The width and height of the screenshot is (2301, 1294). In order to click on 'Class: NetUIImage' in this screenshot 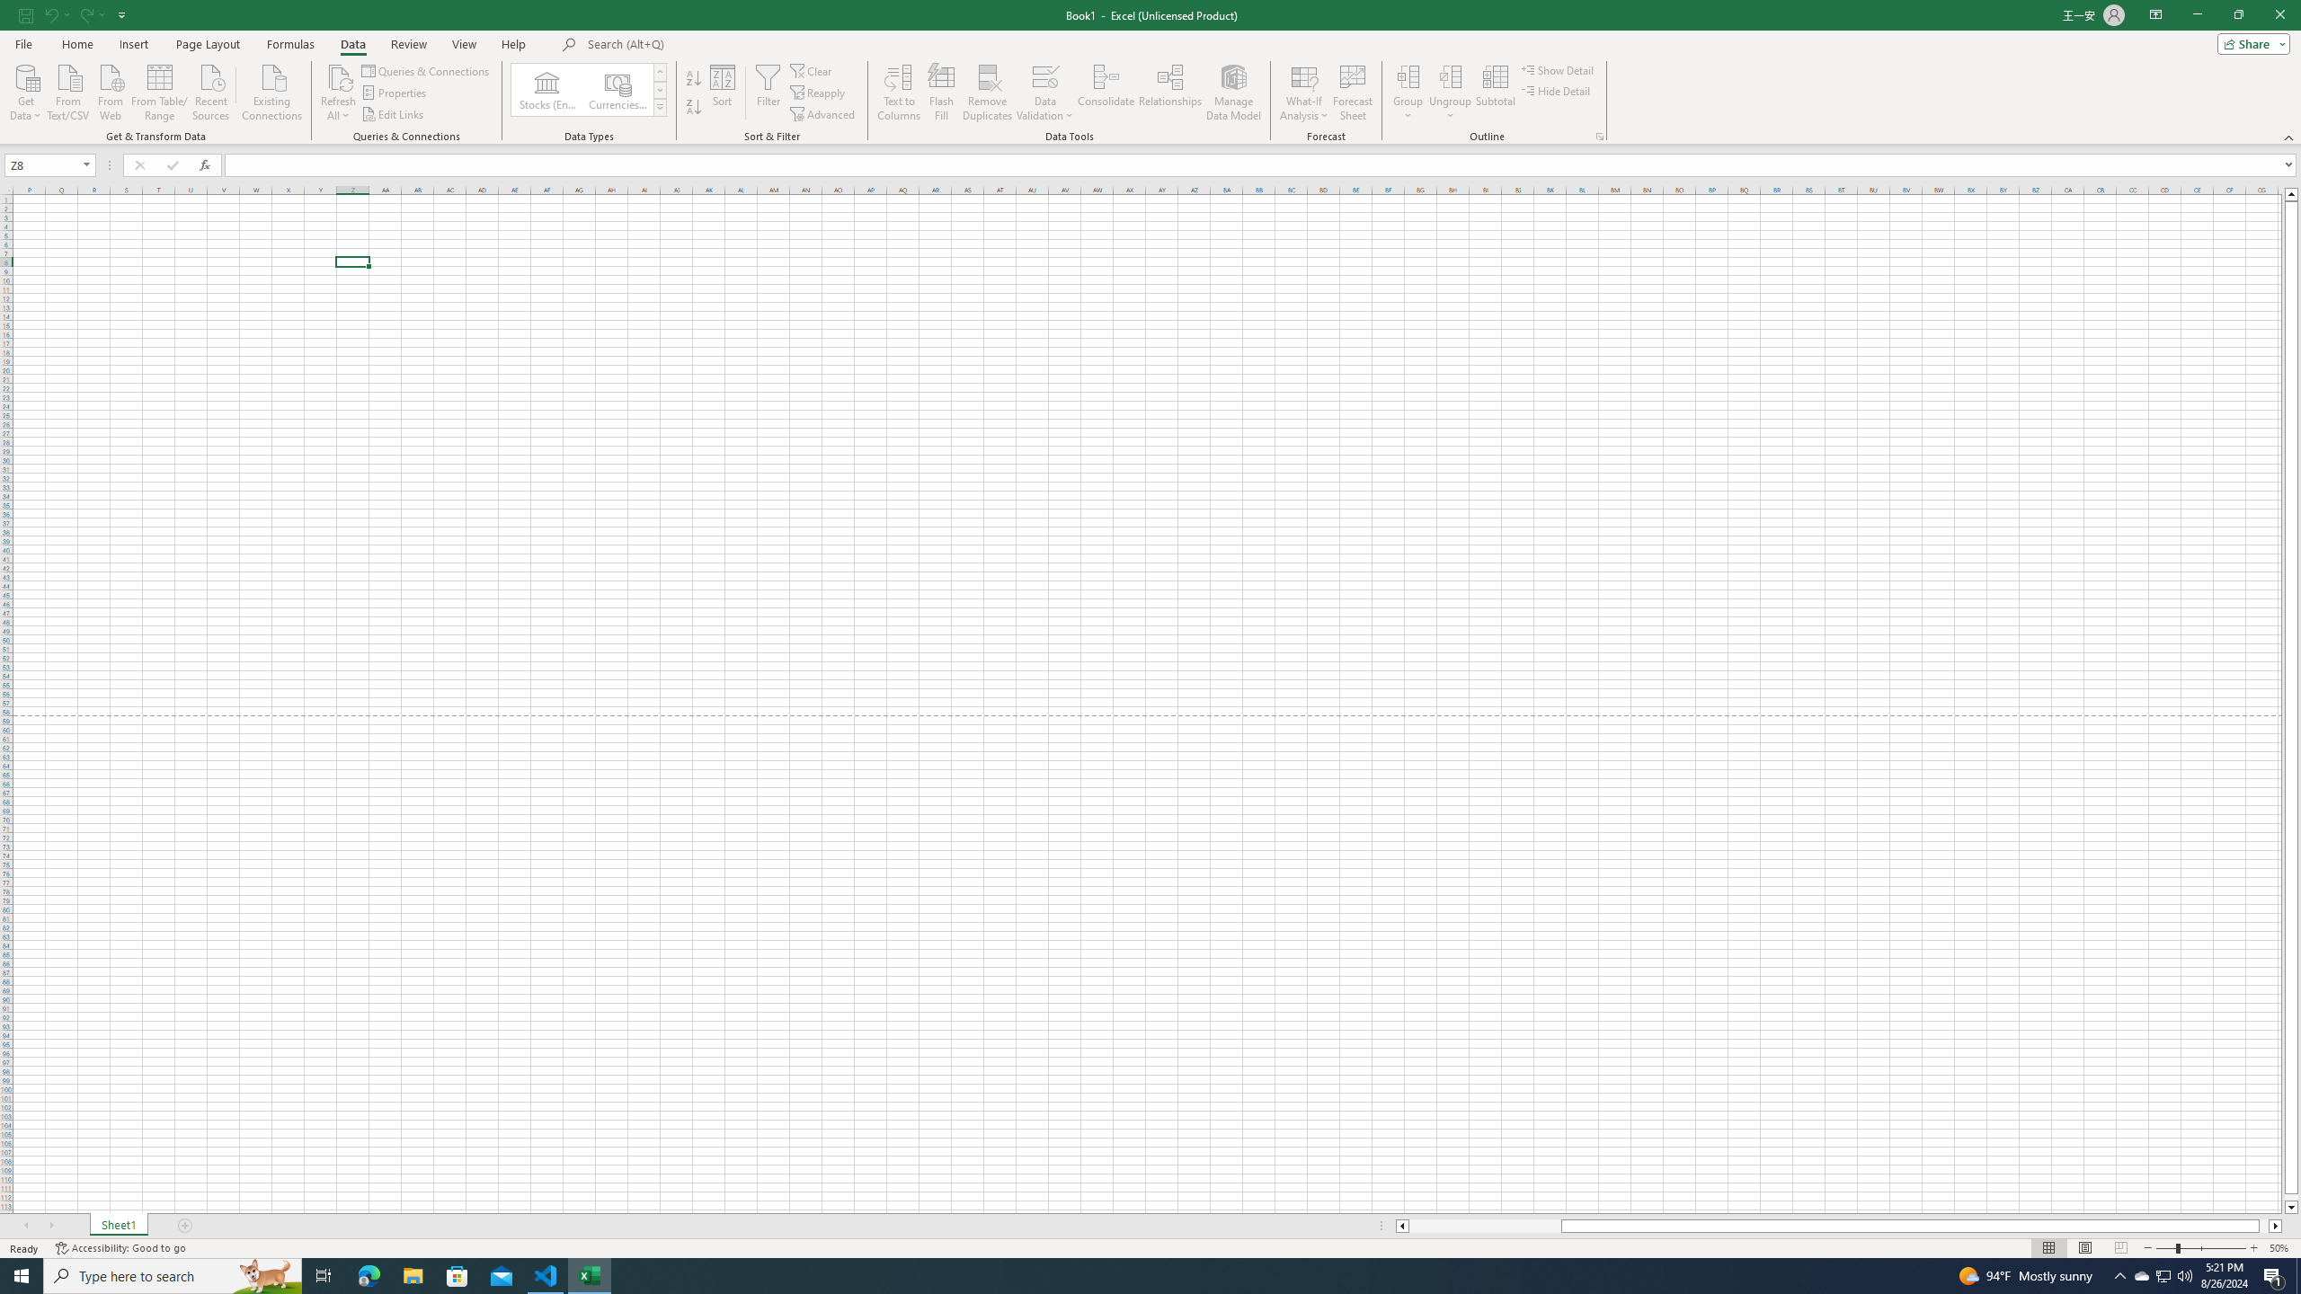, I will do `click(661, 107)`.